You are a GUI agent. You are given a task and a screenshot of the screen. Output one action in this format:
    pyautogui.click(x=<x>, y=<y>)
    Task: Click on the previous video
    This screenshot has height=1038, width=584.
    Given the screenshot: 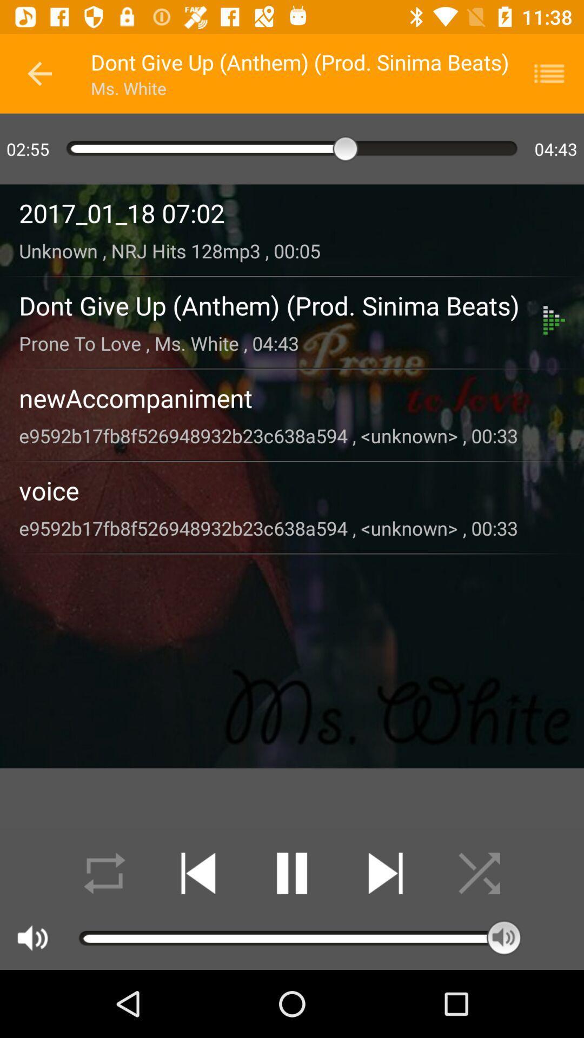 What is the action you would take?
    pyautogui.click(x=198, y=873)
    